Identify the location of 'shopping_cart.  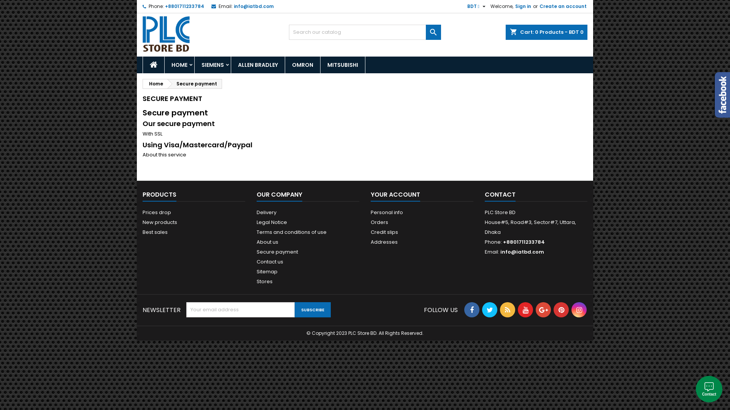
(546, 32).